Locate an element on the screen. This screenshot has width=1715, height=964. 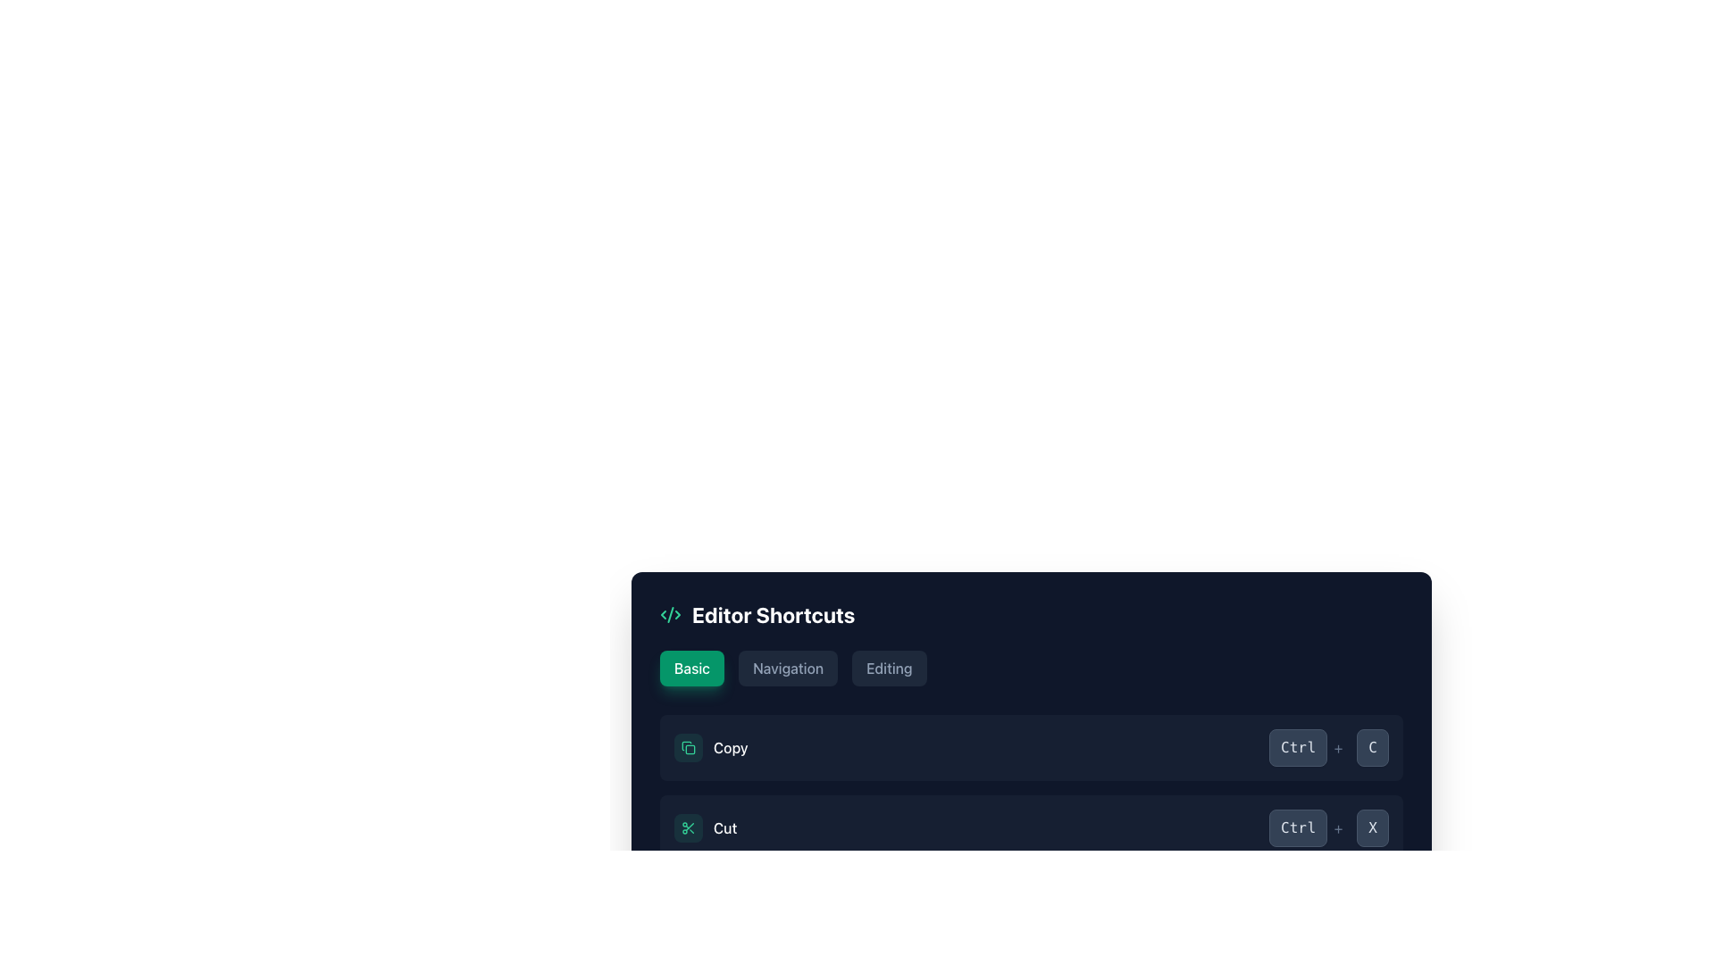
the static text label indicating the 'Cut' operation in the 'Editor Shortcuts' interface, located to the right of the scissors icon is located at coordinates (725, 828).